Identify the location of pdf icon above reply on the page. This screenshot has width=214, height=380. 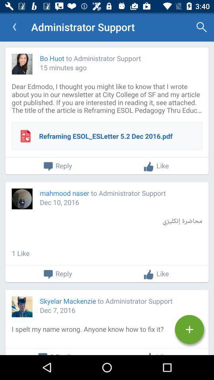
(25, 136).